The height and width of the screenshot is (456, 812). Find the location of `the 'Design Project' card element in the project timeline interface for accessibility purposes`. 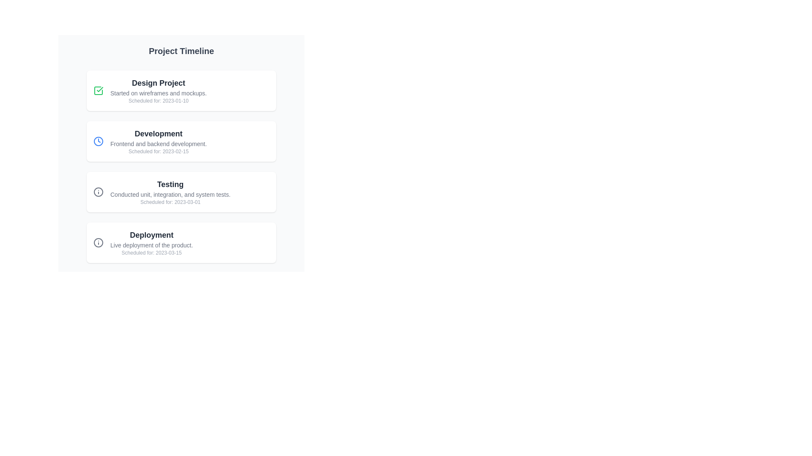

the 'Design Project' card element in the project timeline interface for accessibility purposes is located at coordinates (158, 91).